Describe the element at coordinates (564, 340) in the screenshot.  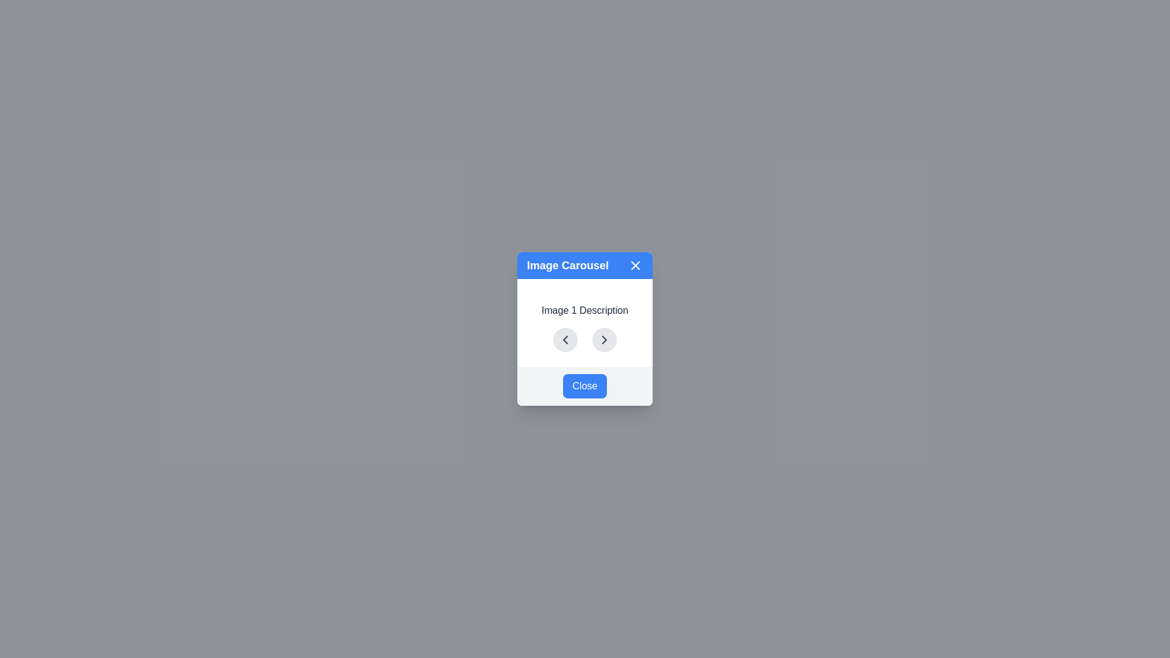
I see `the circular button with a gray background featuring a left-facing chevron arrow located at the bottom-left corner of the modal labeled 'Image Carousel'` at that location.